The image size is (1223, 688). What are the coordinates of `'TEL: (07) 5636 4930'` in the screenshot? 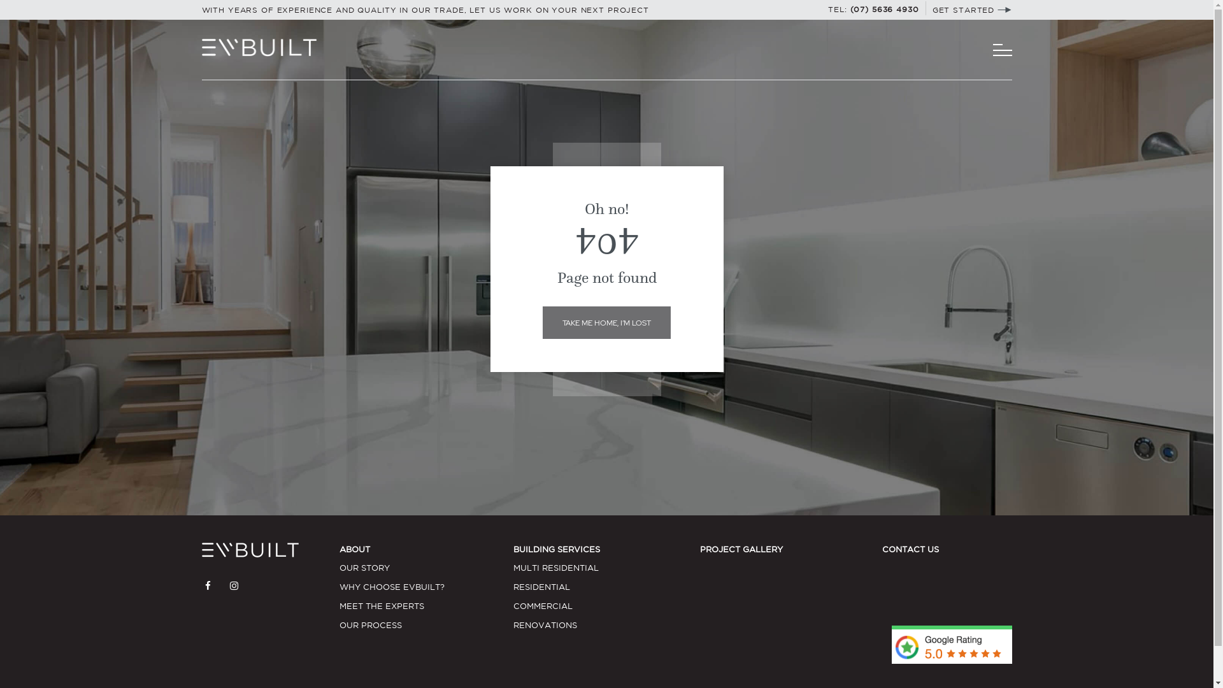 It's located at (828, 9).